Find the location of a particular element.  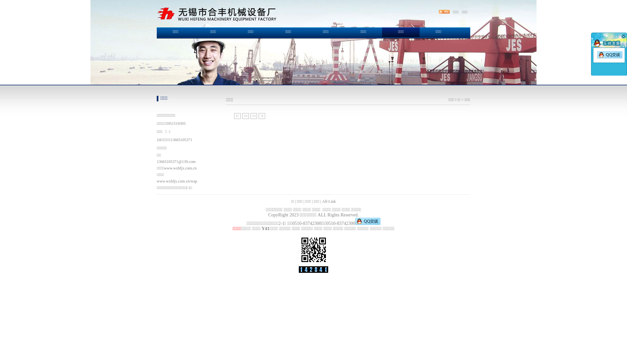

'www.wxhfjx.com.cn/wap' is located at coordinates (177, 181).